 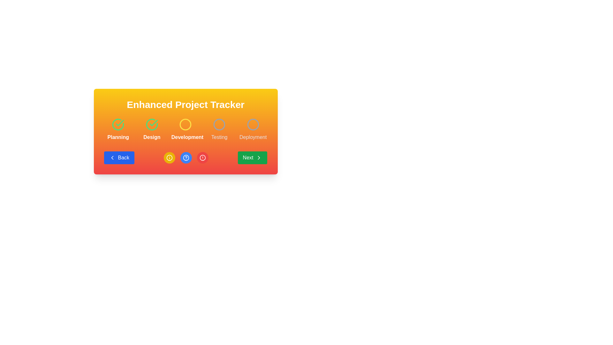 What do you see at coordinates (253, 137) in the screenshot?
I see `the 'Deployment' stage label in the Enhanced Project Tracker interface, which is the fifth and rightmost text label positioned below a circular icon` at bounding box center [253, 137].